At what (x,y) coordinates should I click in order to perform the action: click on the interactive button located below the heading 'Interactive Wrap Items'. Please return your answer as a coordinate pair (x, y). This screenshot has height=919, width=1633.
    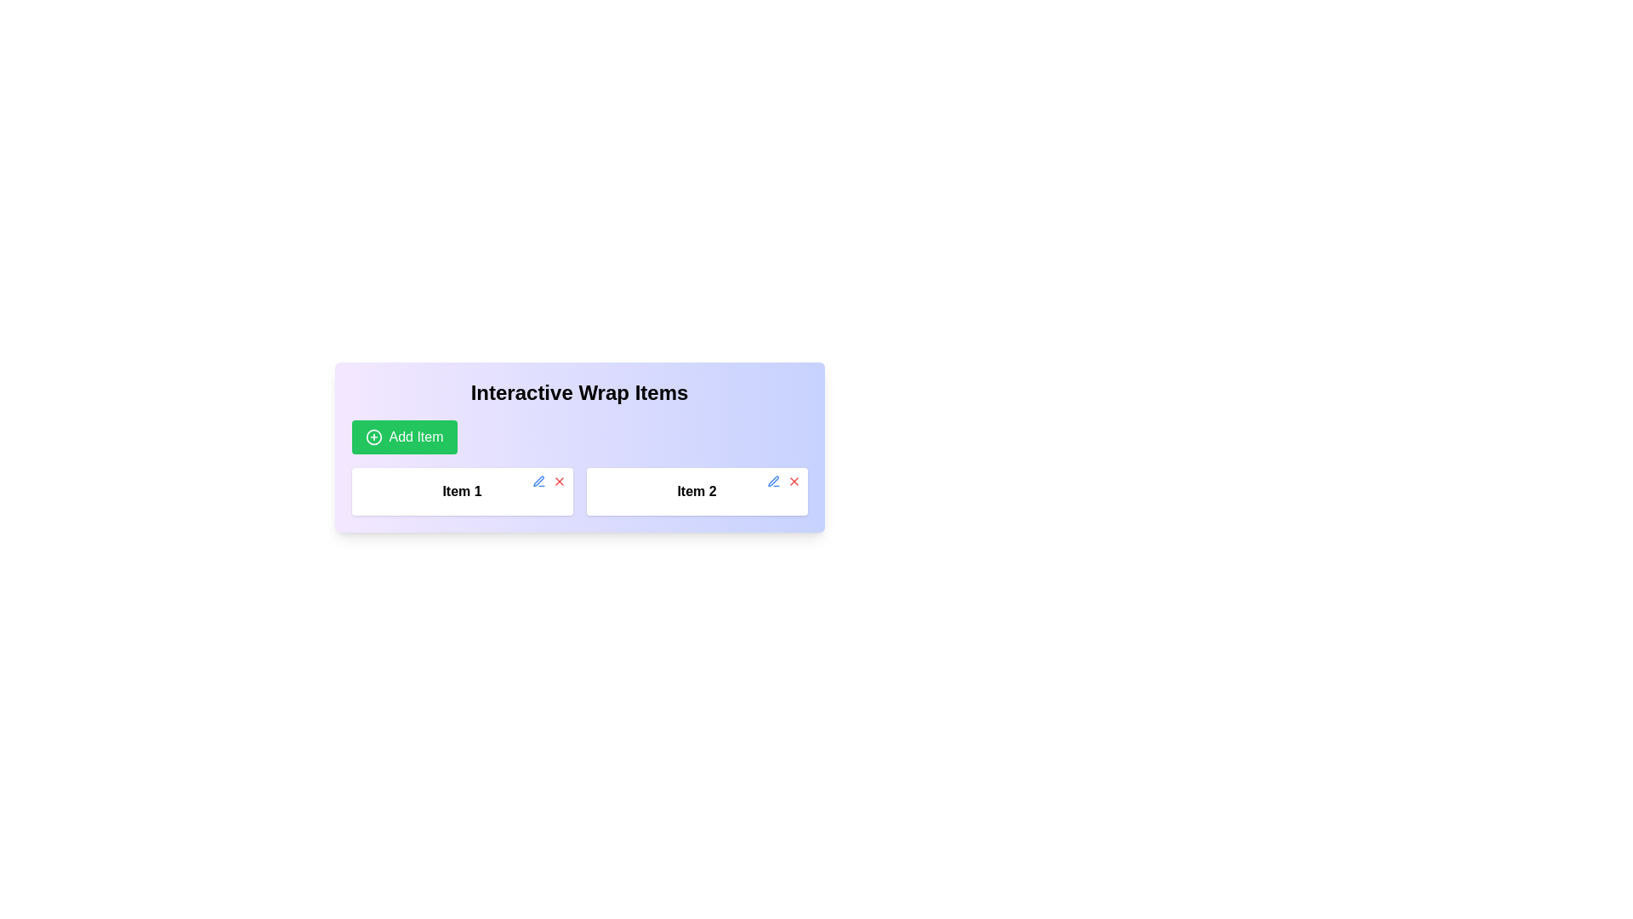
    Looking at the image, I should click on (403, 436).